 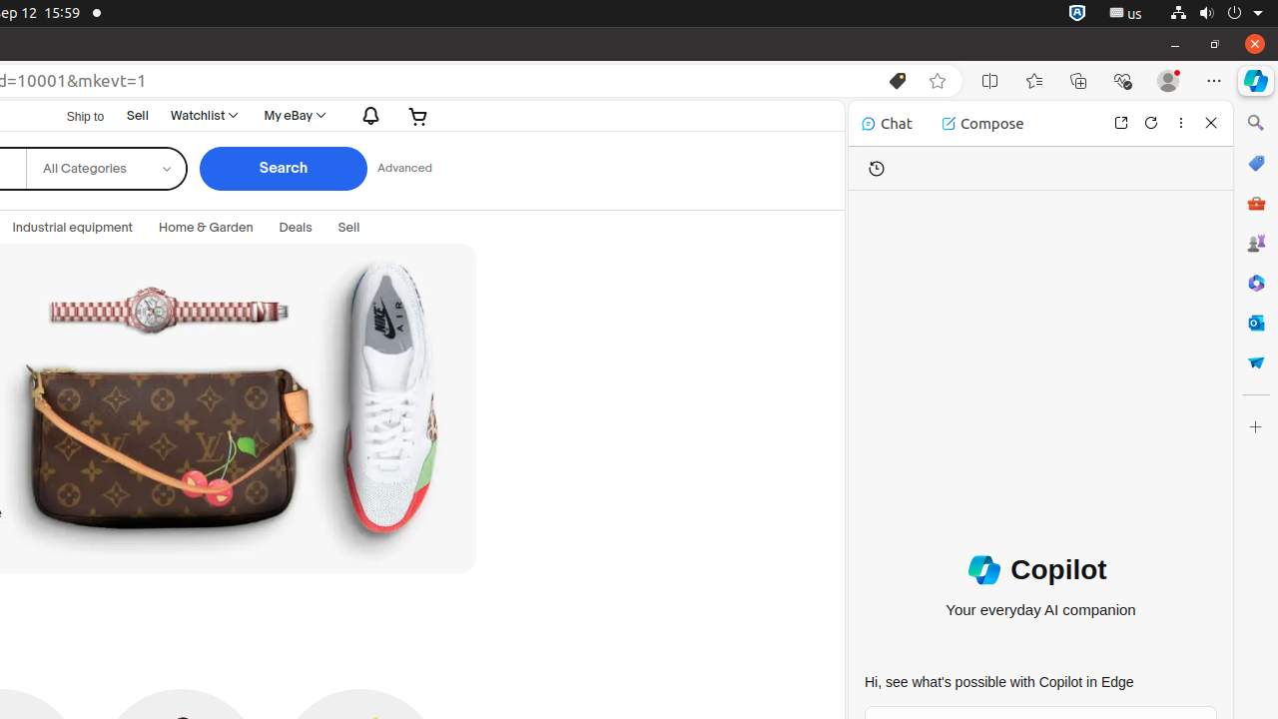 What do you see at coordinates (1254, 321) in the screenshot?
I see `'Outlook'` at bounding box center [1254, 321].